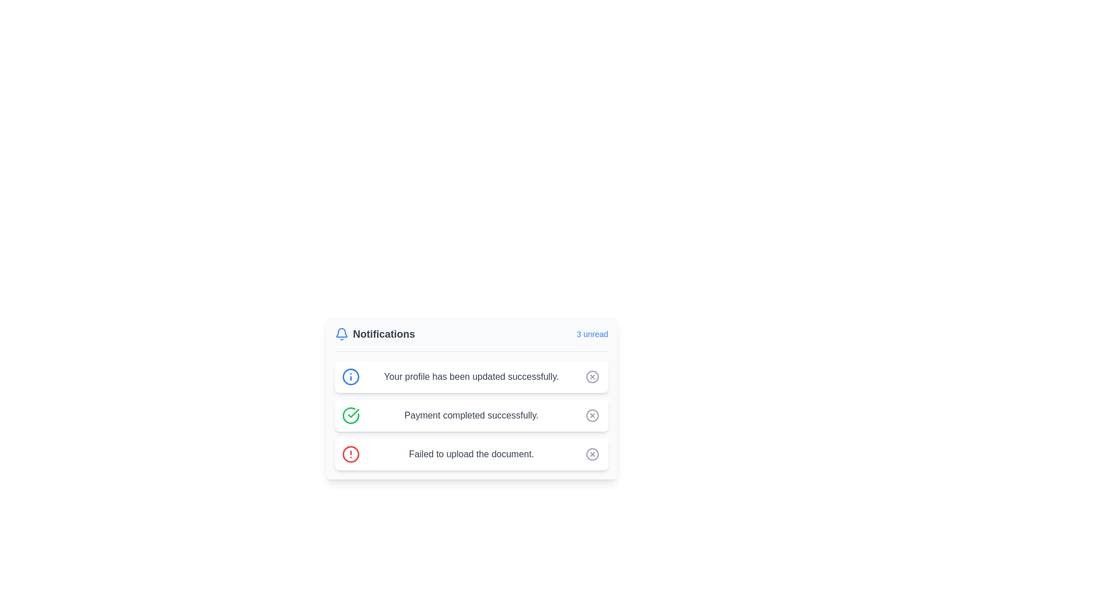 The image size is (1094, 615). Describe the element at coordinates (592, 377) in the screenshot. I see `the small circular icon with an 'X' mark, located to the far right of the first notification row aligned with the message 'Your profile has been updated successfully.'` at that location.